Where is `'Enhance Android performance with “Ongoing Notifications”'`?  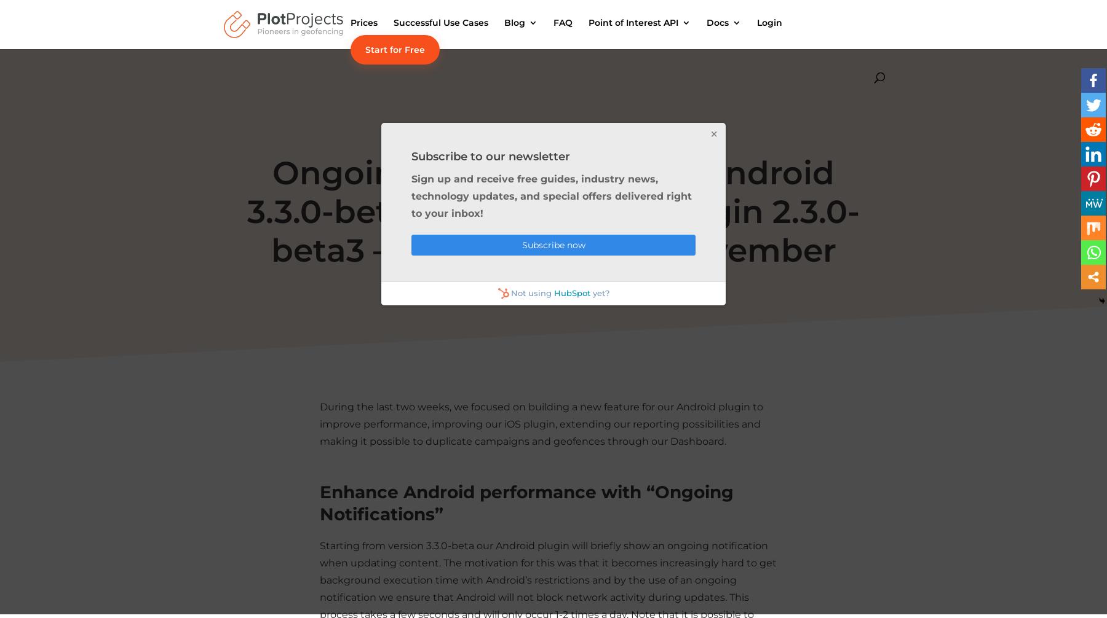 'Enhance Android performance with “Ongoing Notifications”' is located at coordinates (526, 501).